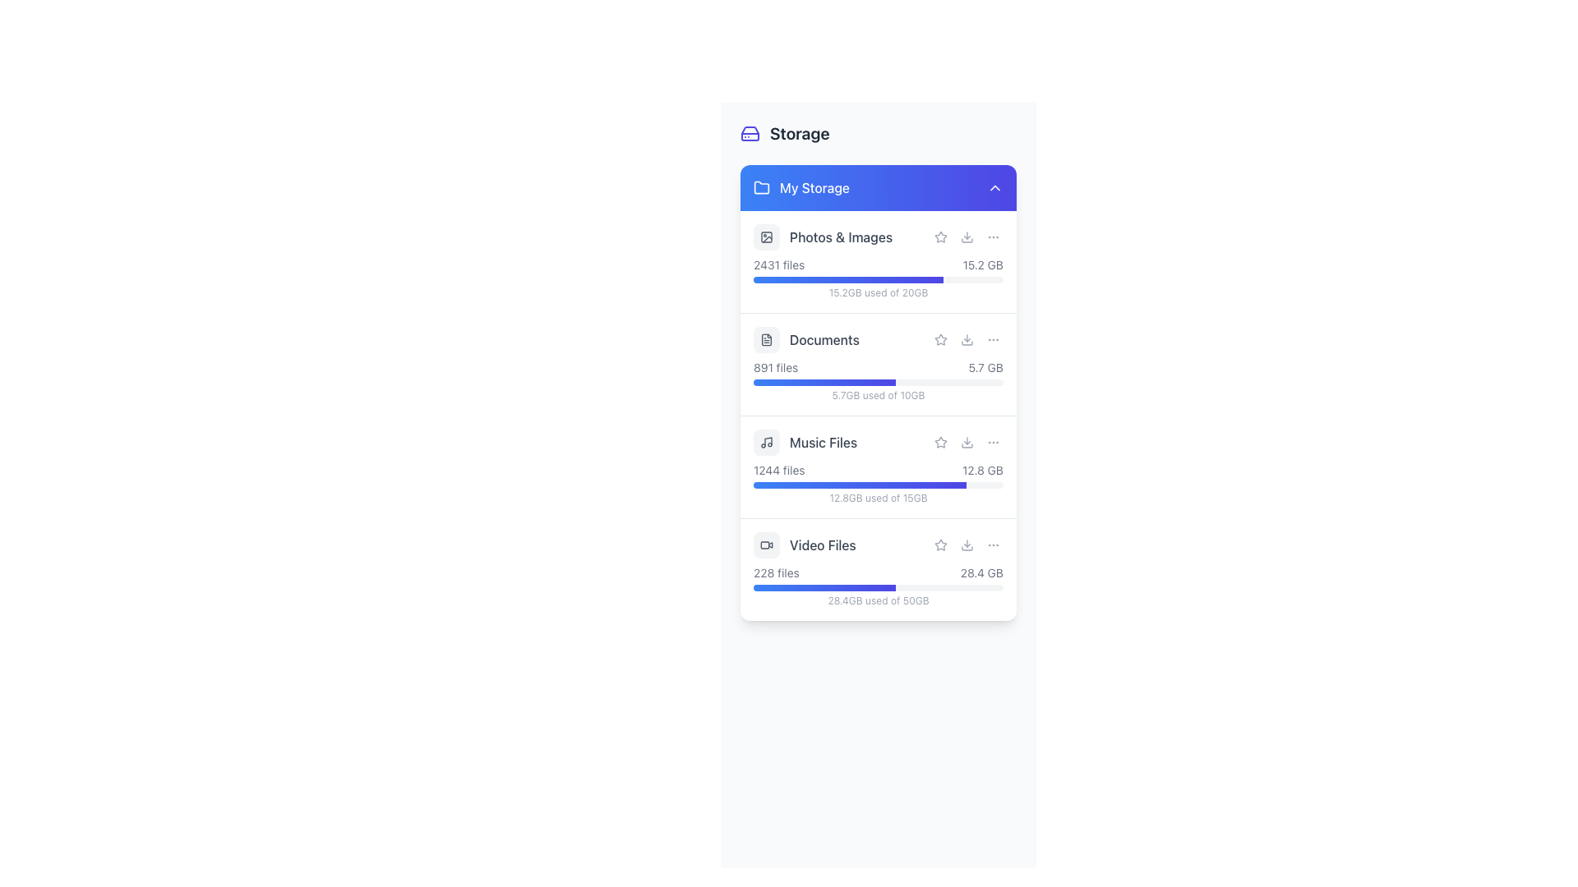 The image size is (1578, 887). I want to click on the star-shaped button with a hollow outline, so click(941, 545).